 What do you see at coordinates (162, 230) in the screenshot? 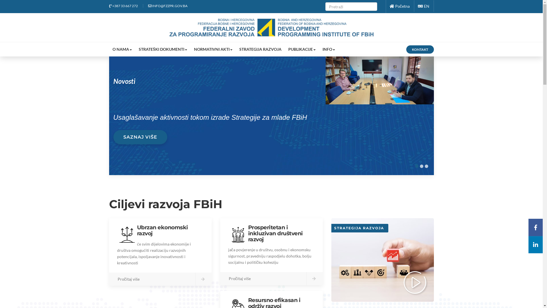
I see `'Ubrzan ekonomski razvoj'` at bounding box center [162, 230].